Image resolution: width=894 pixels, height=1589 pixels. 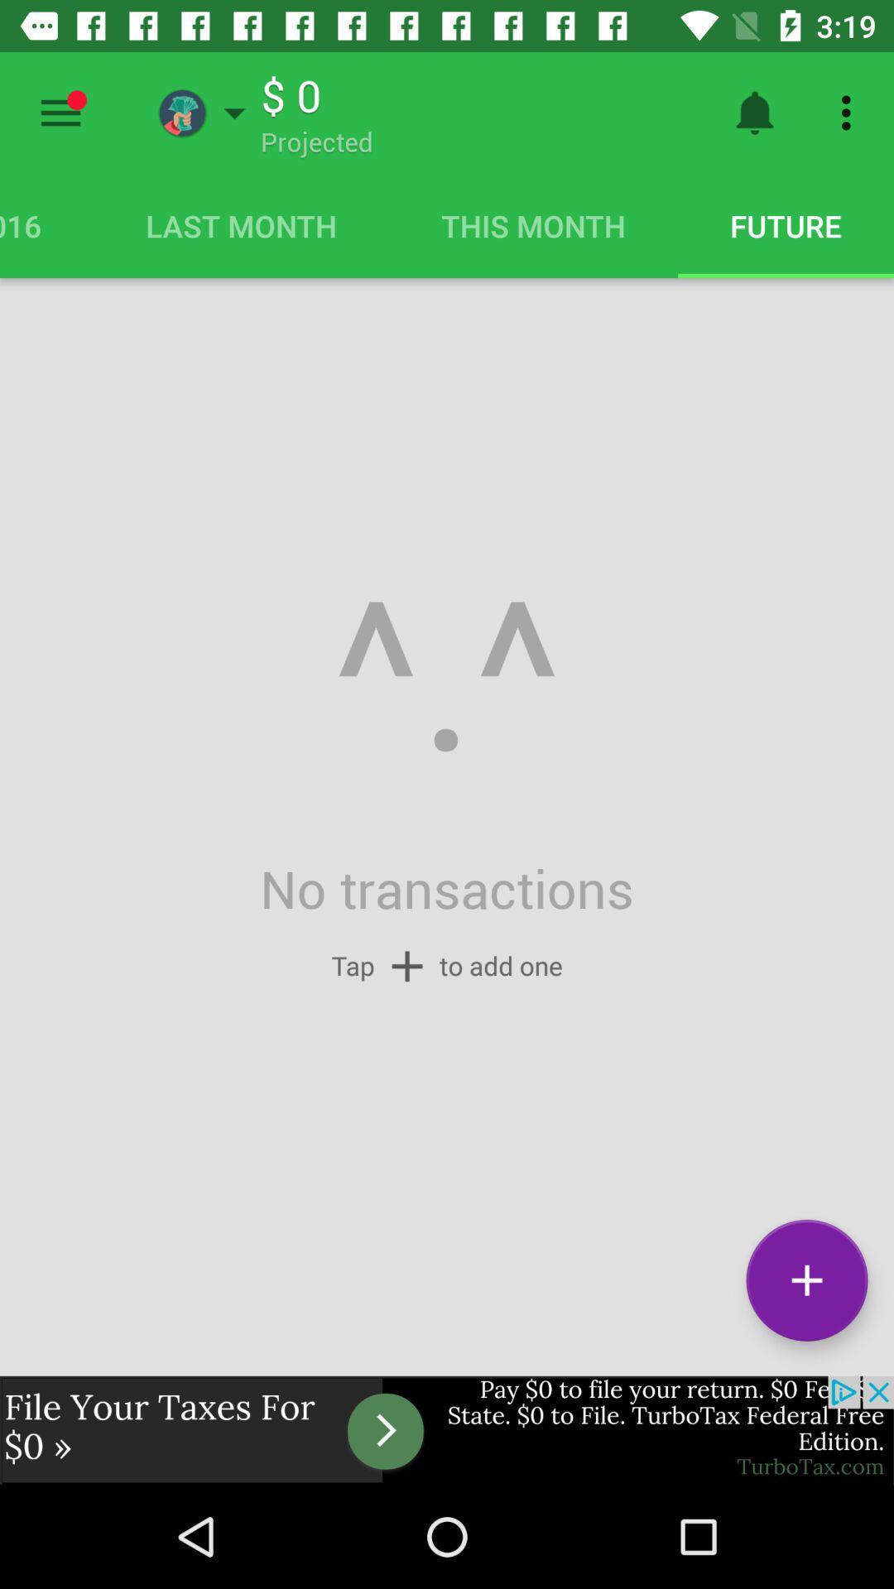 I want to click on advertisement, so click(x=447, y=1429).